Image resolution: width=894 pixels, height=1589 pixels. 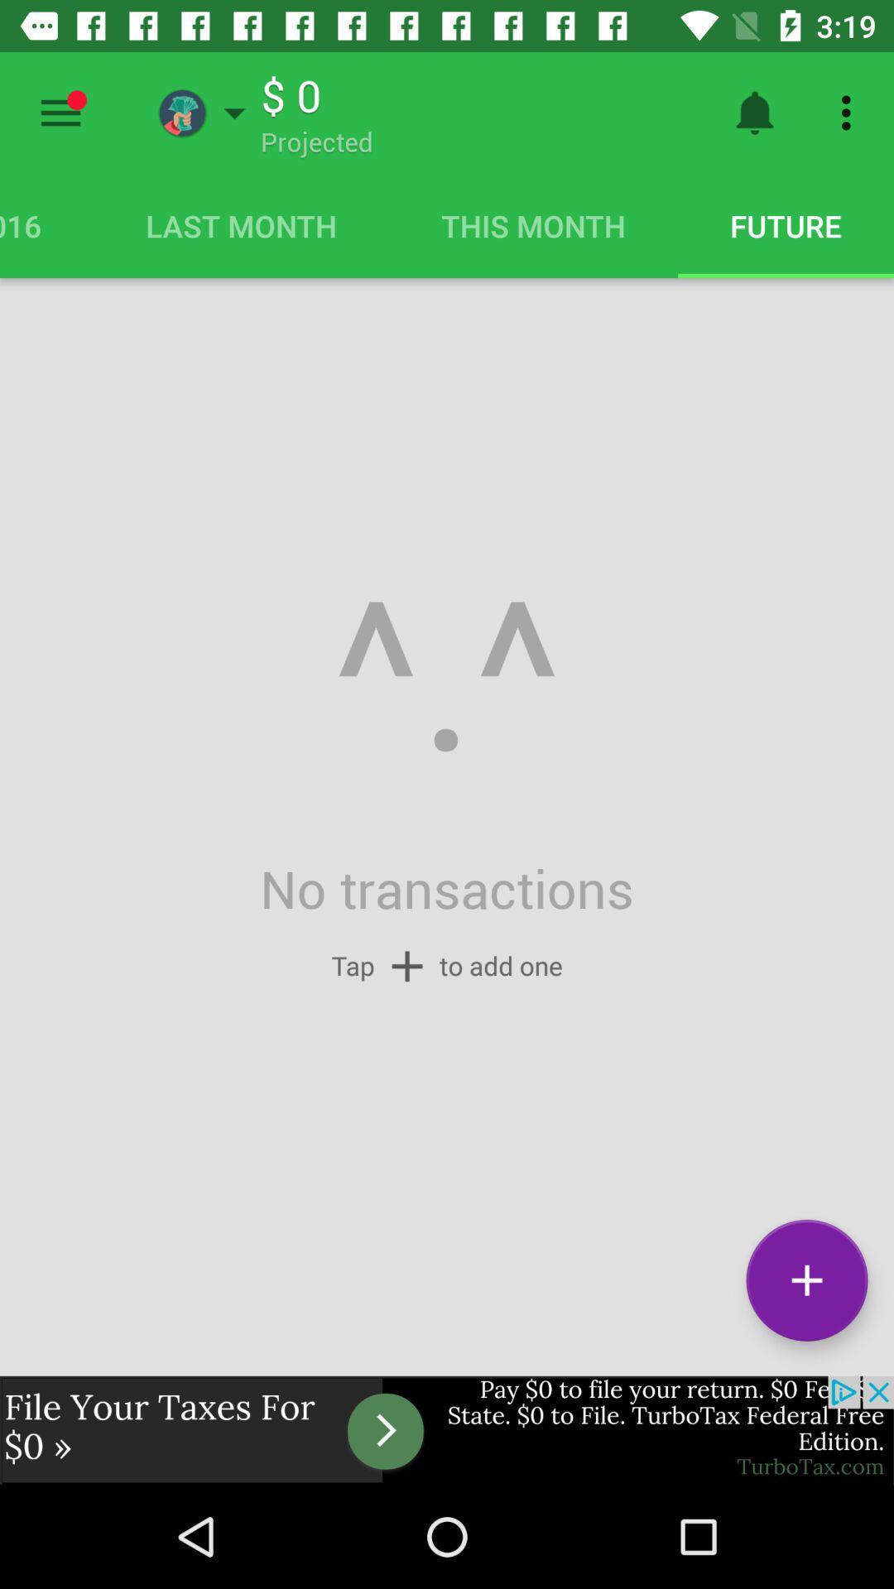 I want to click on advertisement, so click(x=447, y=1429).